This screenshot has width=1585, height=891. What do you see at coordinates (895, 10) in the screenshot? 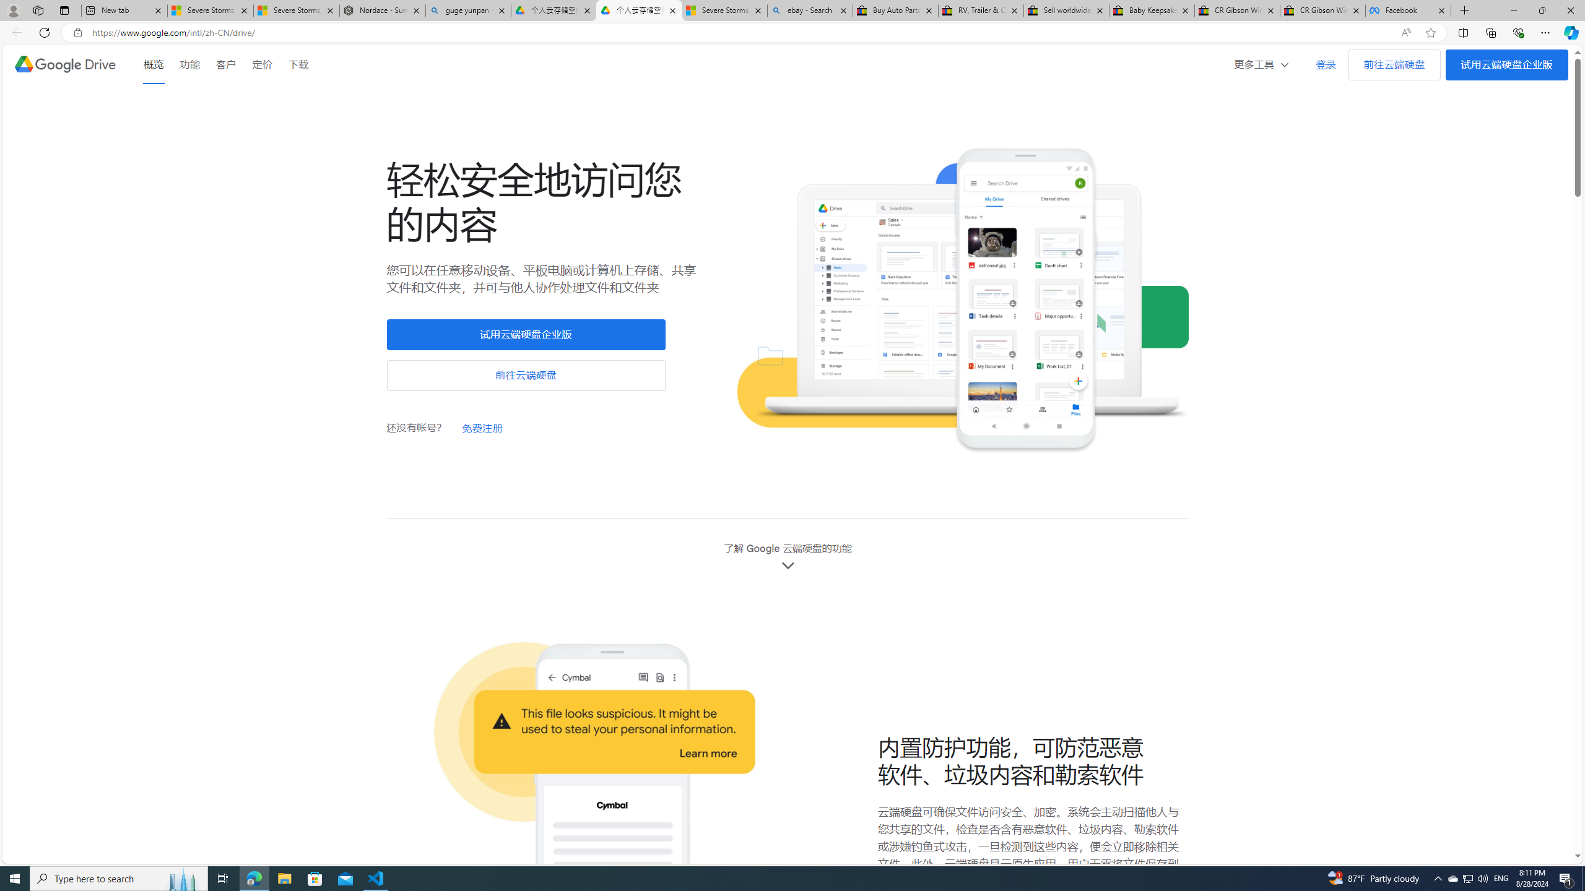
I see `'Buy Auto Parts & Accessories | eBay'` at bounding box center [895, 10].